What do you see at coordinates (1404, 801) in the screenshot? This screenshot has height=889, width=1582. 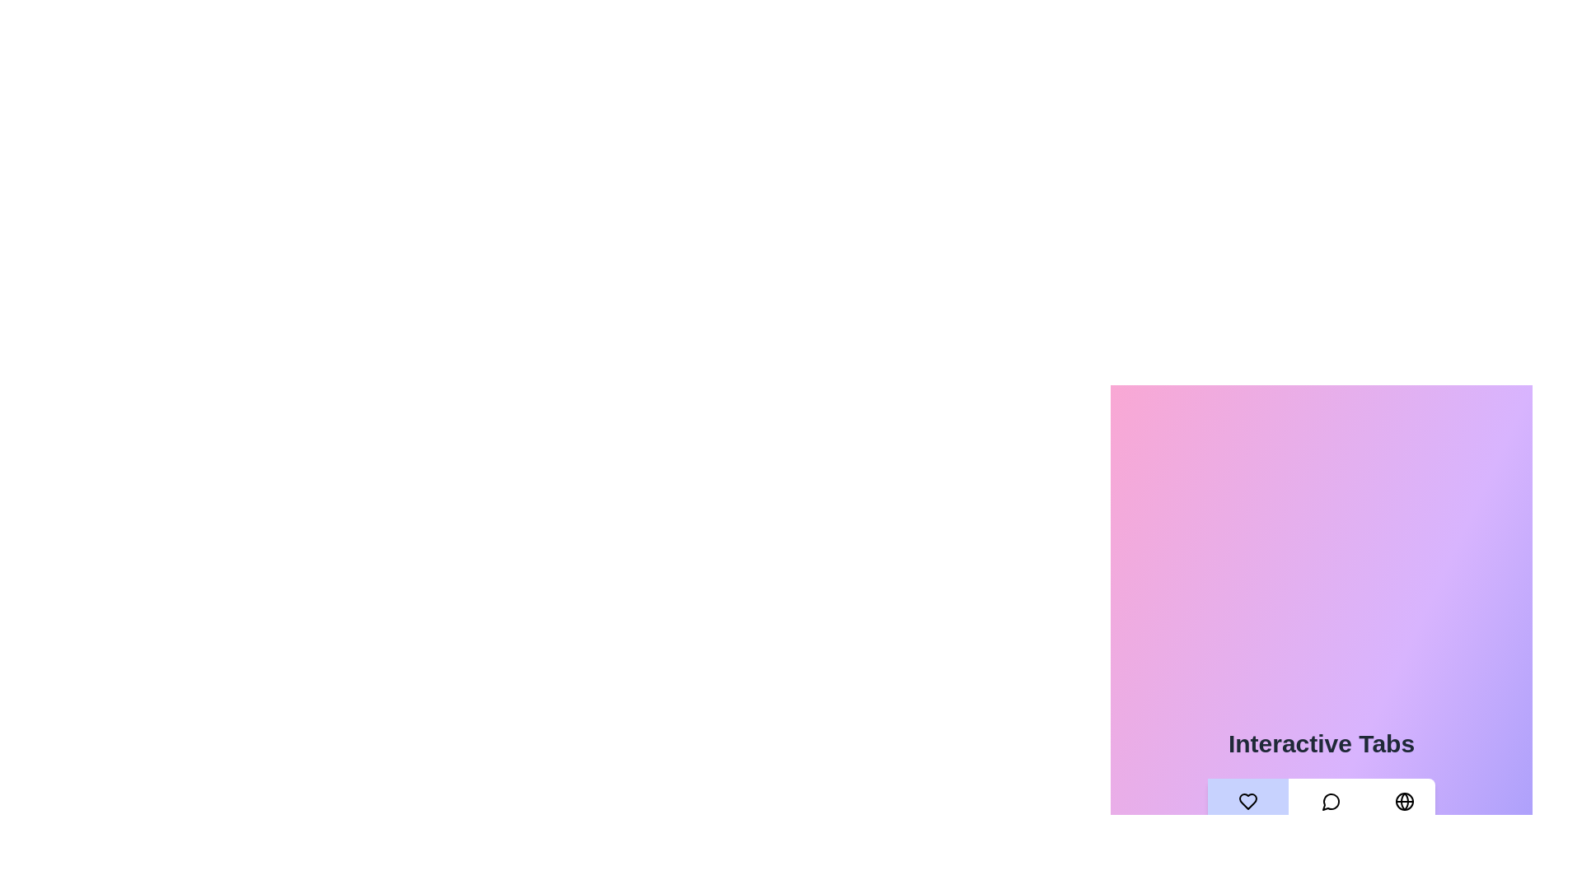 I see `the icon of the World tab to activate it` at bounding box center [1404, 801].